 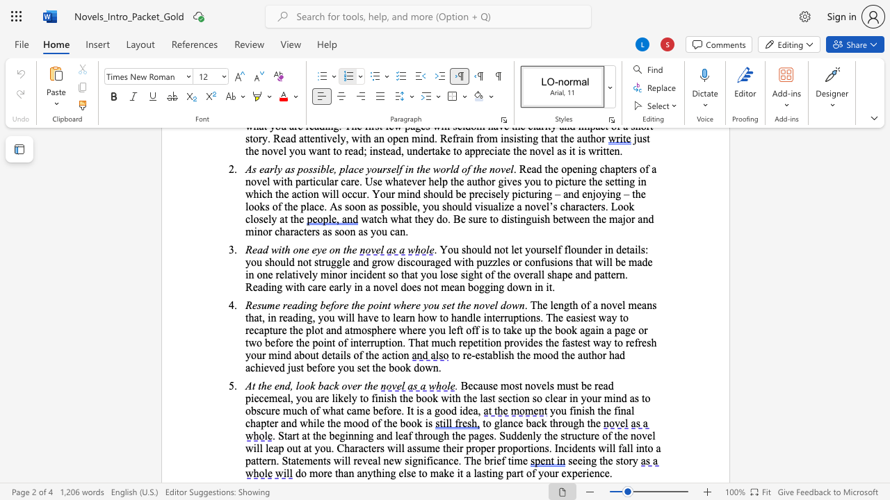 What do you see at coordinates (259, 354) in the screenshot?
I see `the 1th character "u" in the text` at bounding box center [259, 354].